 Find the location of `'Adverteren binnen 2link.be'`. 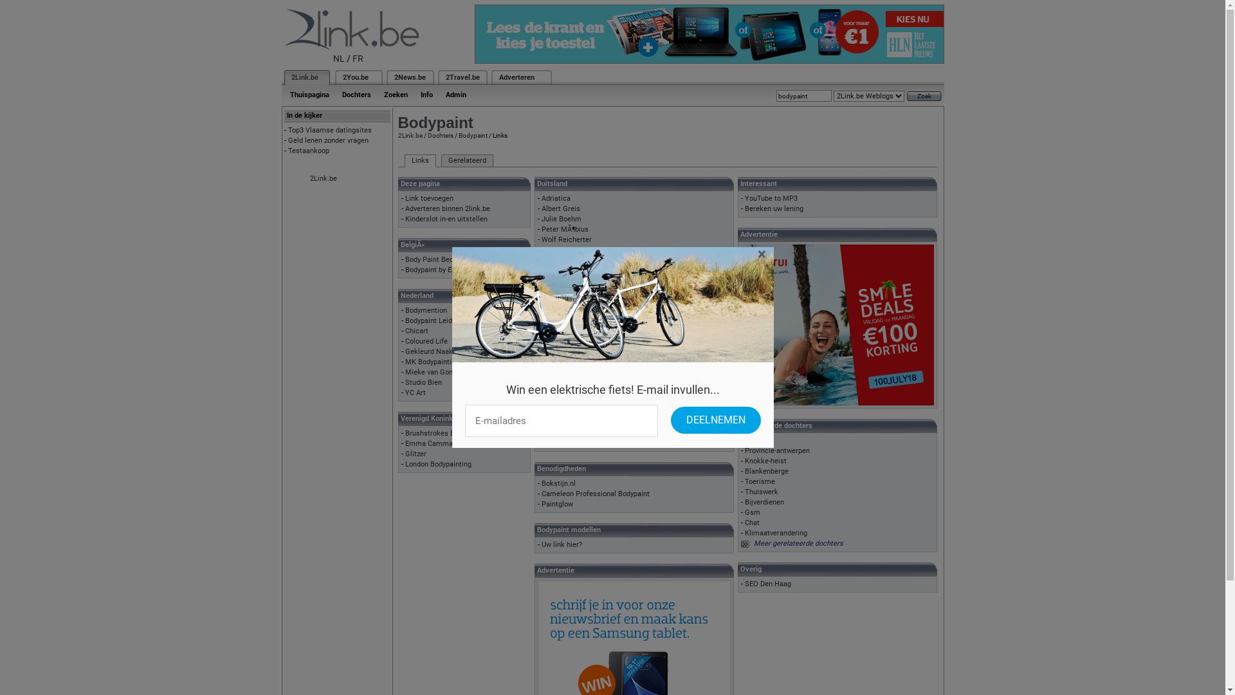

'Adverteren binnen 2link.be' is located at coordinates (448, 208).